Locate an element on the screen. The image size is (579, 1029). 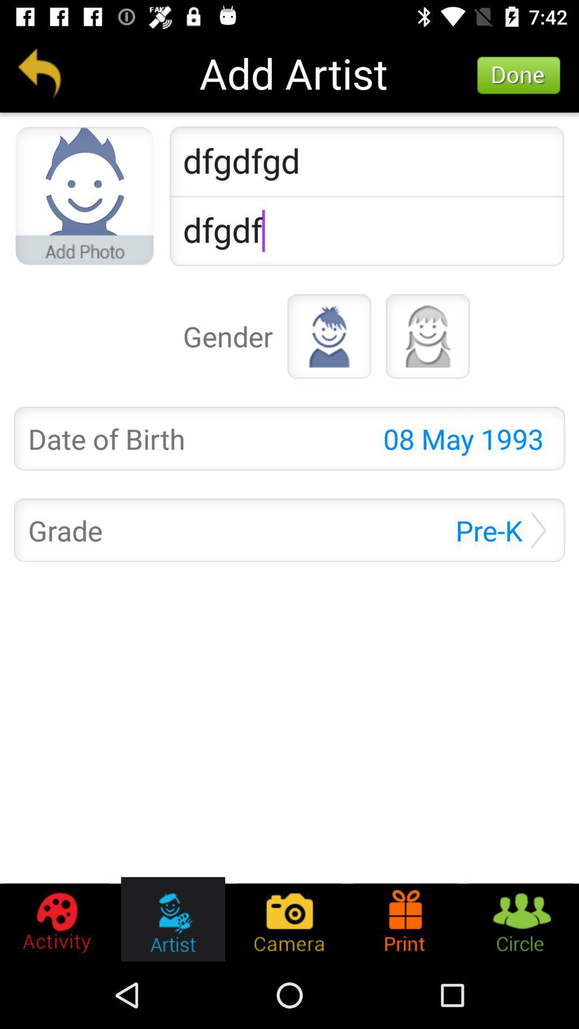
item to the left of the add artist item is located at coordinates (39, 72).